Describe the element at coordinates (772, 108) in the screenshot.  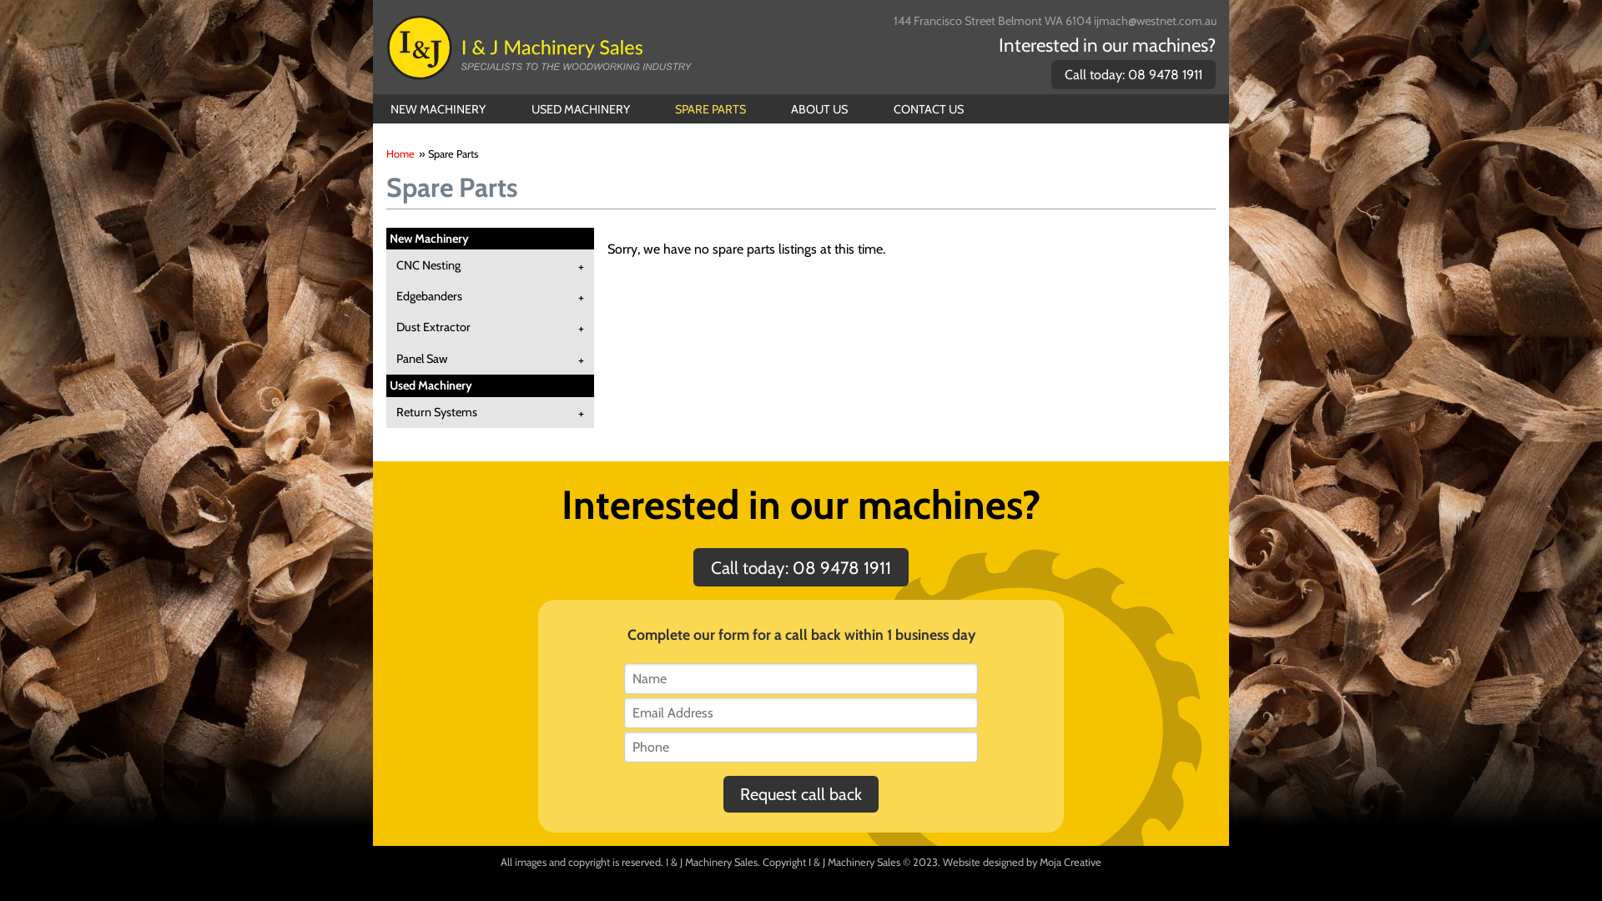
I see `'ABOUT US'` at that location.